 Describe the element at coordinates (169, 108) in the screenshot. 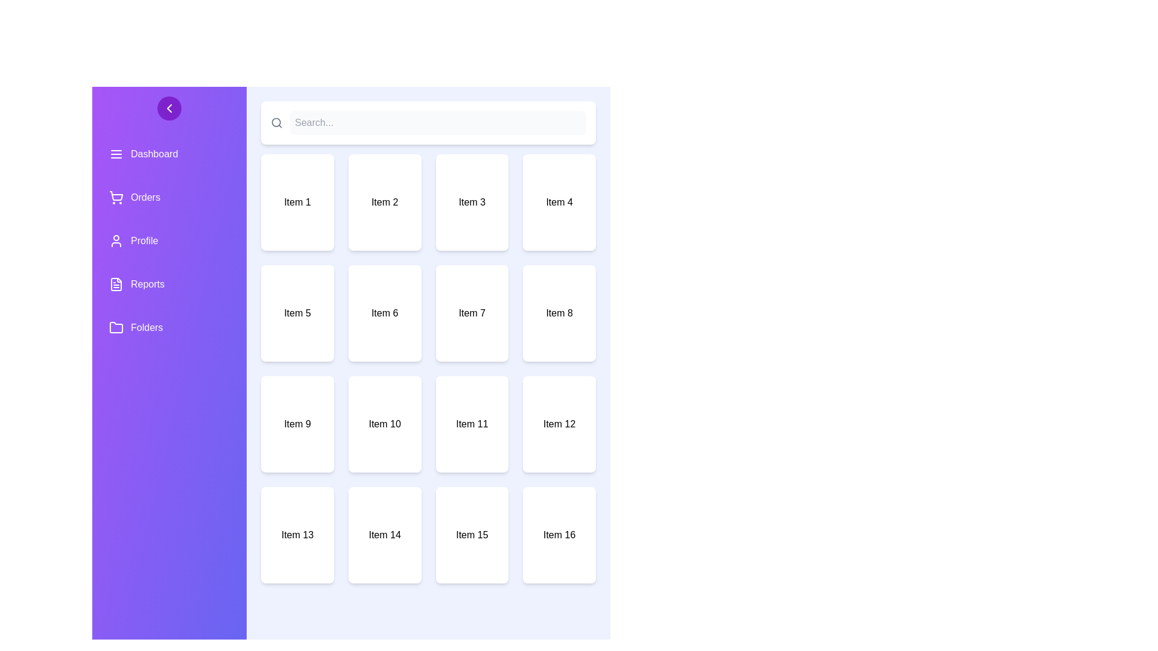

I see `the sidebar toggle button to toggle the sidebar open or close` at that location.